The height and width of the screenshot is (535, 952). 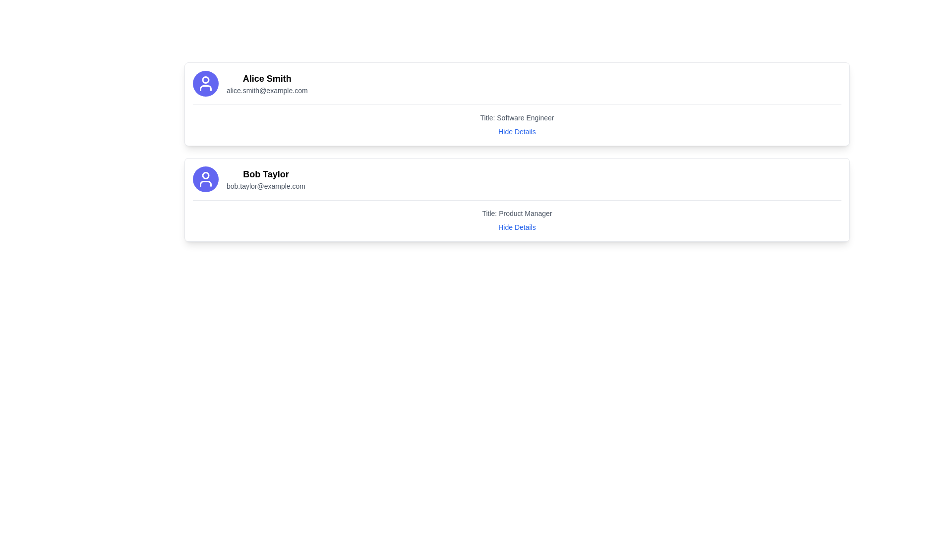 What do you see at coordinates (205, 179) in the screenshot?
I see `the user profile icon button located to the left of the text 'Bob Taylor' and 'bob.taylor@example.com' in the second user information card` at bounding box center [205, 179].